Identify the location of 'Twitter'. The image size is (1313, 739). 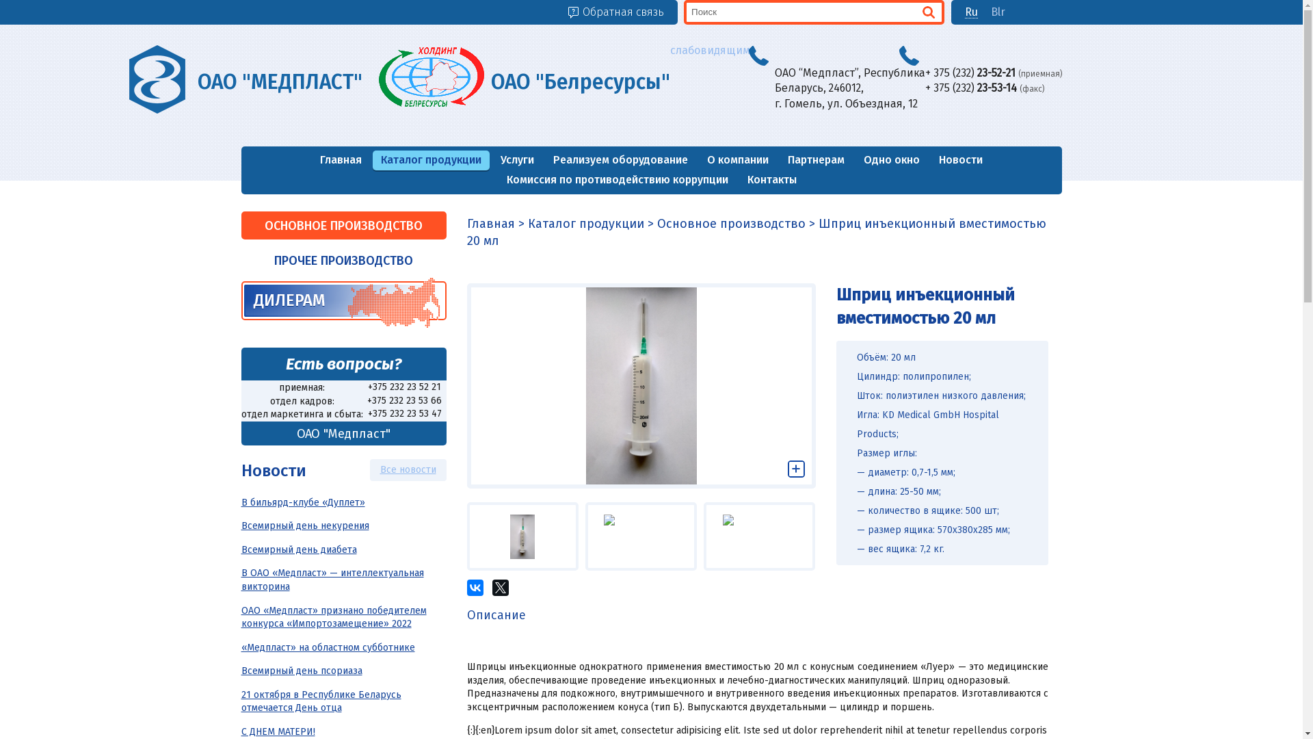
(499, 587).